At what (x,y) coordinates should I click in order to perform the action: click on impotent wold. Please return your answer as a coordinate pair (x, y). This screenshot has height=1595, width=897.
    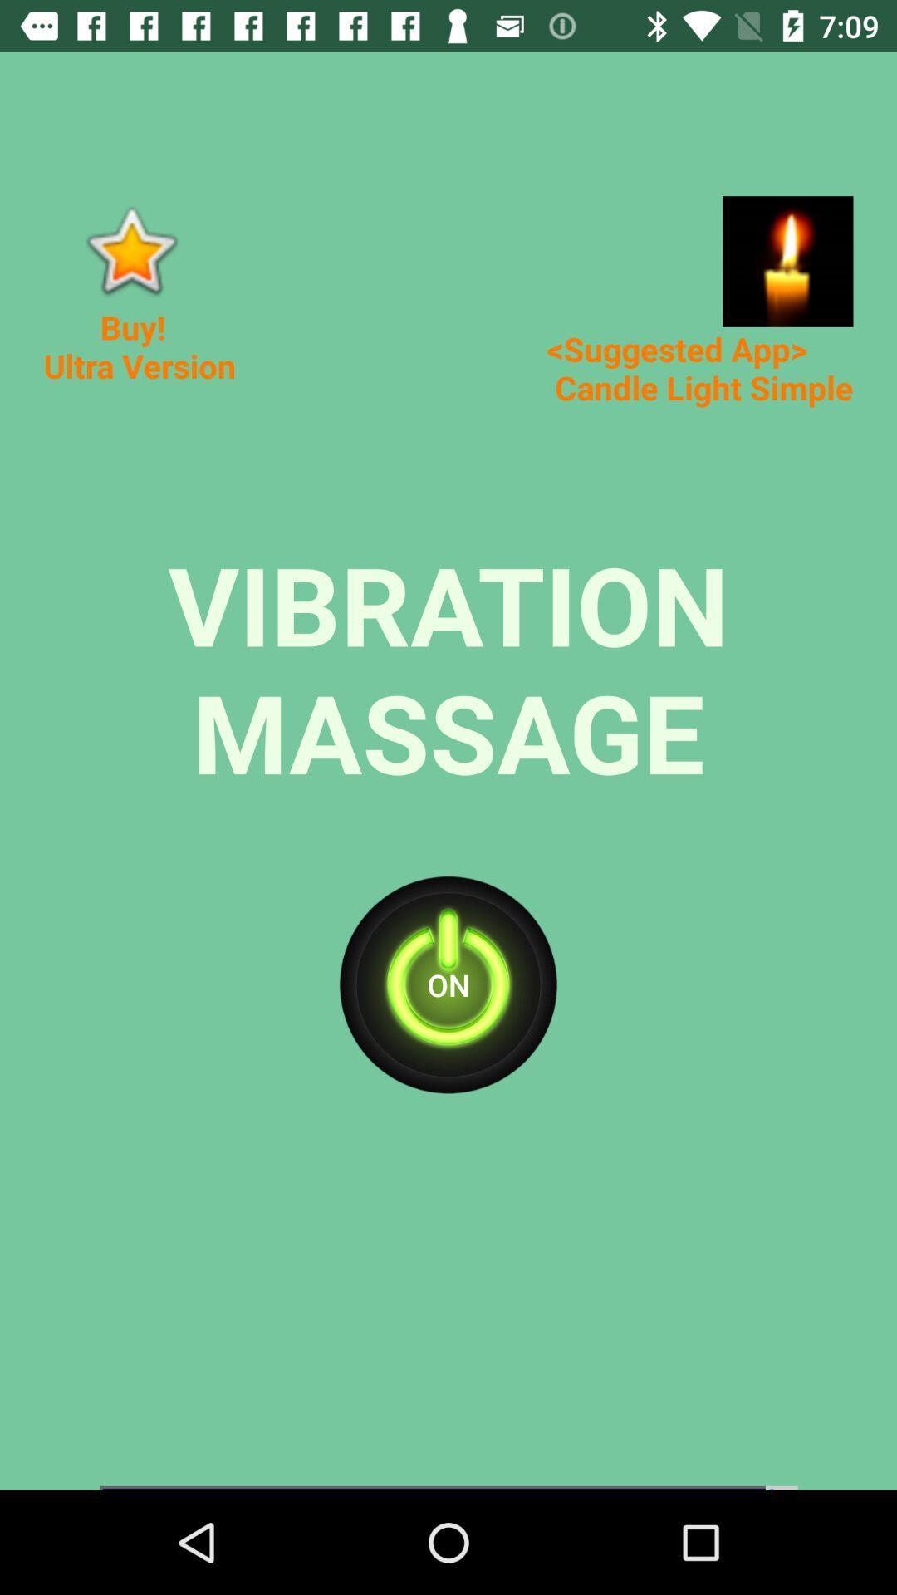
    Looking at the image, I should click on (130, 249).